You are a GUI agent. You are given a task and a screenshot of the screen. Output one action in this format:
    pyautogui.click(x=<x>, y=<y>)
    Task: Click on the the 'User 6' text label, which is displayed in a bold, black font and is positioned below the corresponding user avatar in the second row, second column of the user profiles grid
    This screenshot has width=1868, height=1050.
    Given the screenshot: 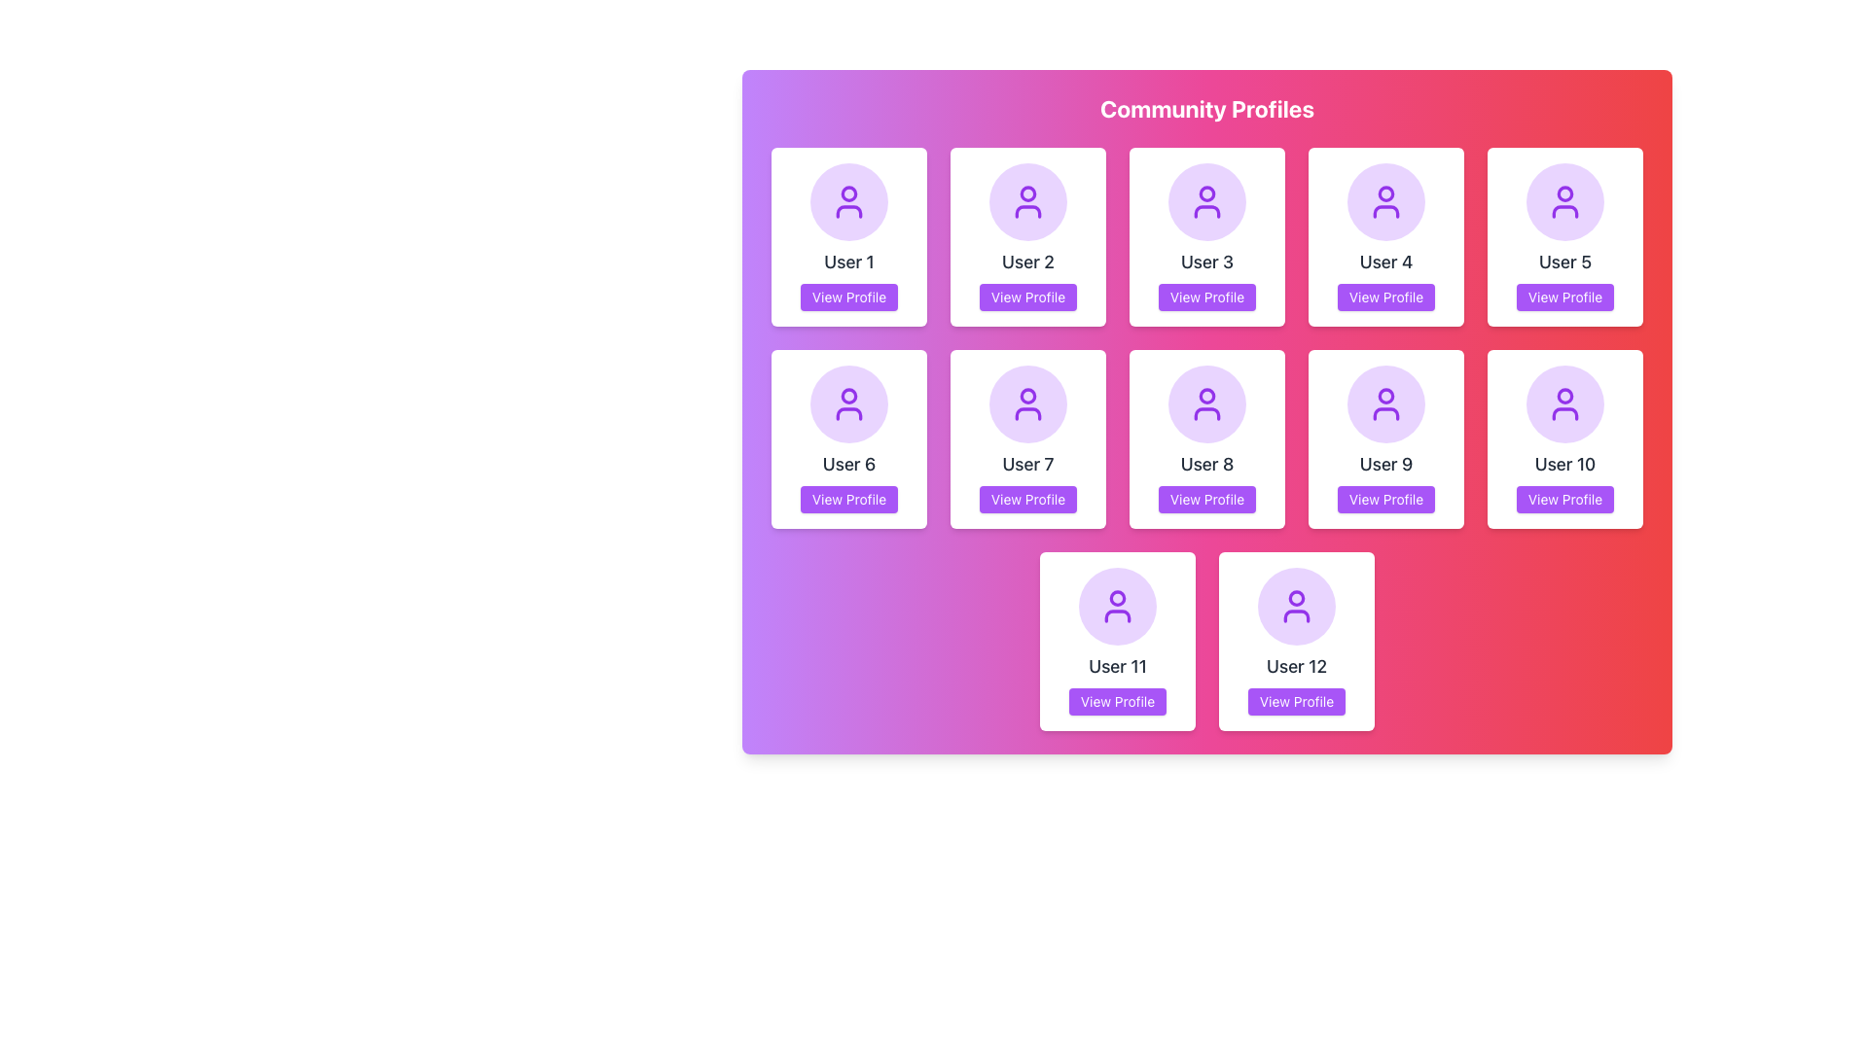 What is the action you would take?
    pyautogui.click(x=849, y=465)
    